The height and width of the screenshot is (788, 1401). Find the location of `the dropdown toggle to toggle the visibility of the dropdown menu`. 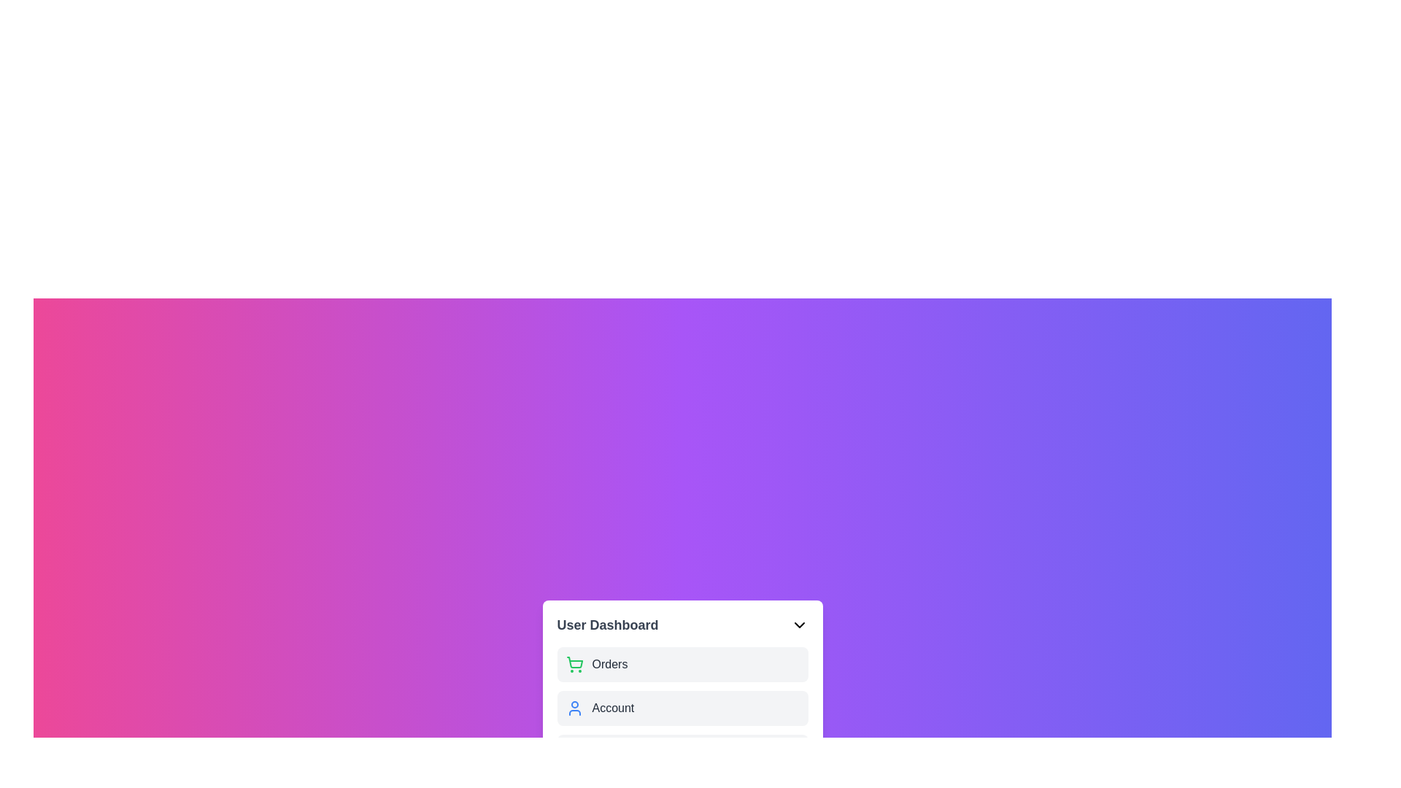

the dropdown toggle to toggle the visibility of the dropdown menu is located at coordinates (798, 624).